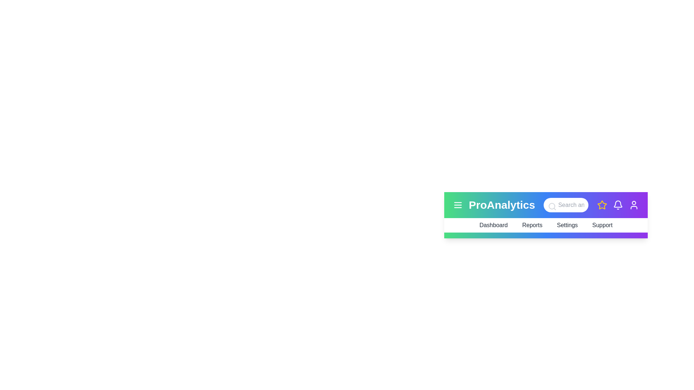 This screenshot has width=694, height=390. I want to click on the notification bell icon, so click(617, 205).